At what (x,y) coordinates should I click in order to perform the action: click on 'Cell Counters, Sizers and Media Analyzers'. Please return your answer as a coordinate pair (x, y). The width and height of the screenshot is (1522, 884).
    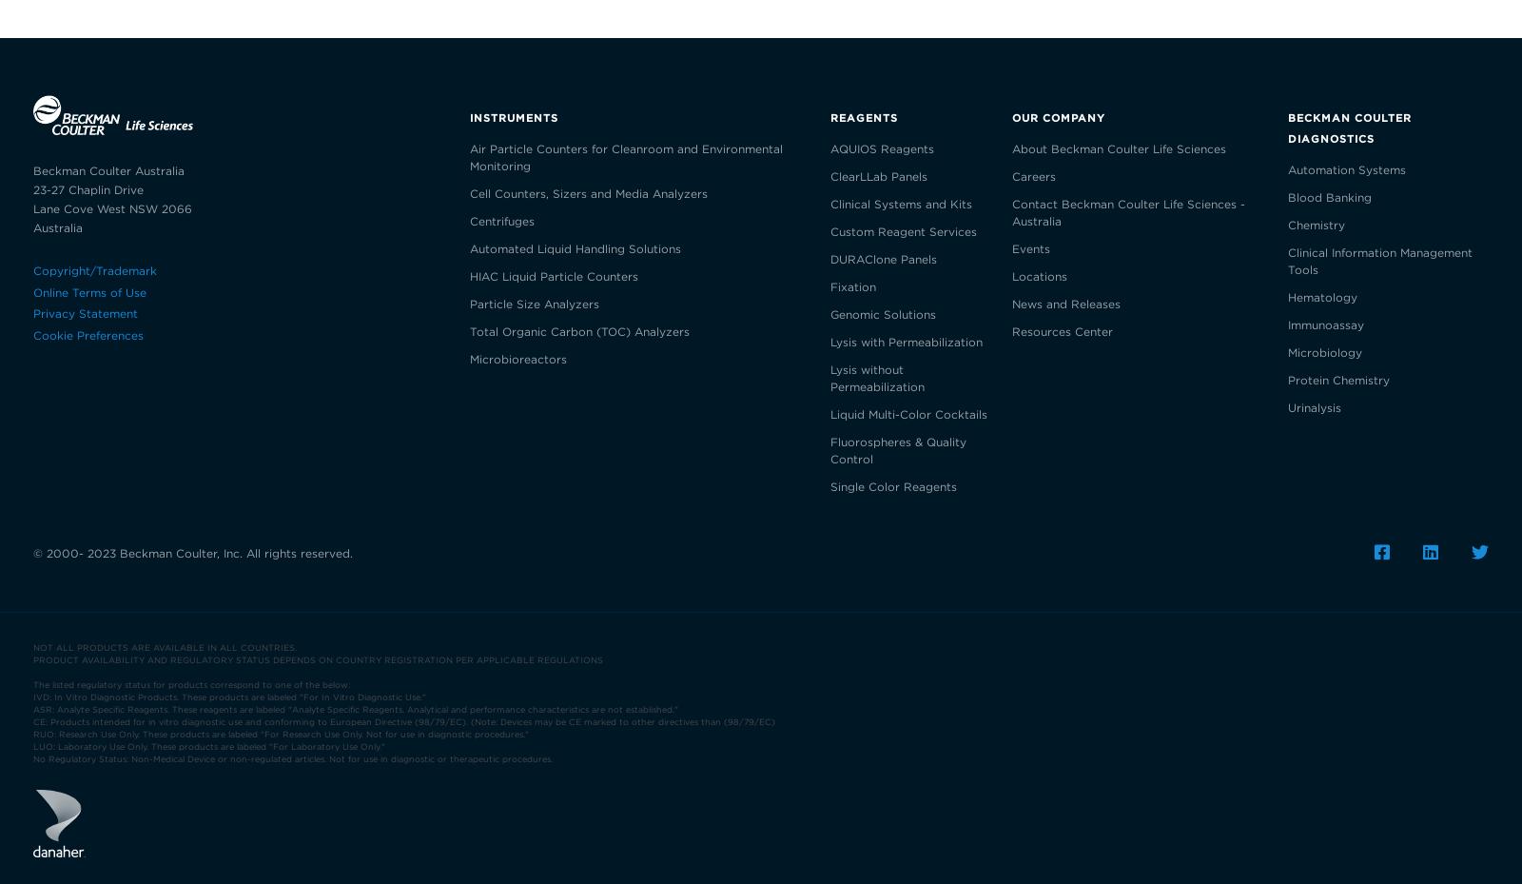
    Looking at the image, I should click on (469, 191).